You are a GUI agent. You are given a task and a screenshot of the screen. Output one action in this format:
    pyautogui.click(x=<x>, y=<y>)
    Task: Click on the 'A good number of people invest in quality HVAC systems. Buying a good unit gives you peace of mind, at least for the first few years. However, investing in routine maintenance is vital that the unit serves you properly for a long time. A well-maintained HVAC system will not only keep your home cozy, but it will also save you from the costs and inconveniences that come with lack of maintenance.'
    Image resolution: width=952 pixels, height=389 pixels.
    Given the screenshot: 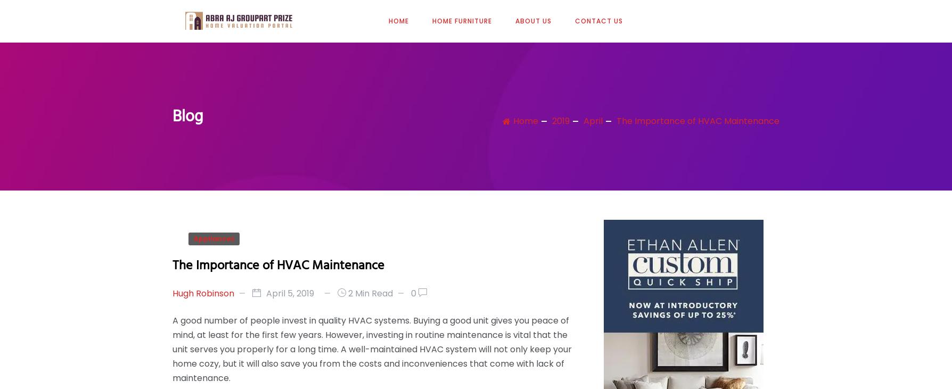 What is the action you would take?
    pyautogui.click(x=371, y=349)
    